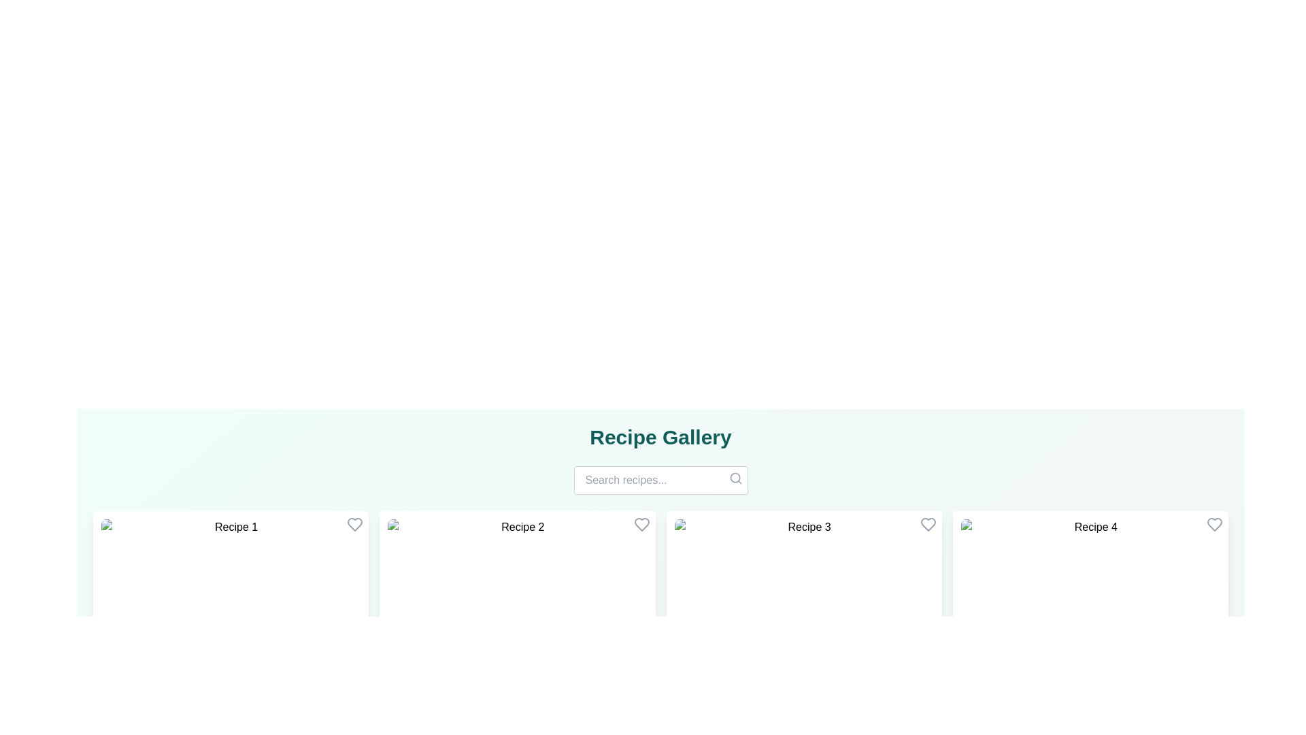 This screenshot has width=1306, height=735. I want to click on the heart-shaped icon that allows users to mark the associated recipe as a favorite, located to the right of the 'Recipe 2' title and image, so click(641, 524).